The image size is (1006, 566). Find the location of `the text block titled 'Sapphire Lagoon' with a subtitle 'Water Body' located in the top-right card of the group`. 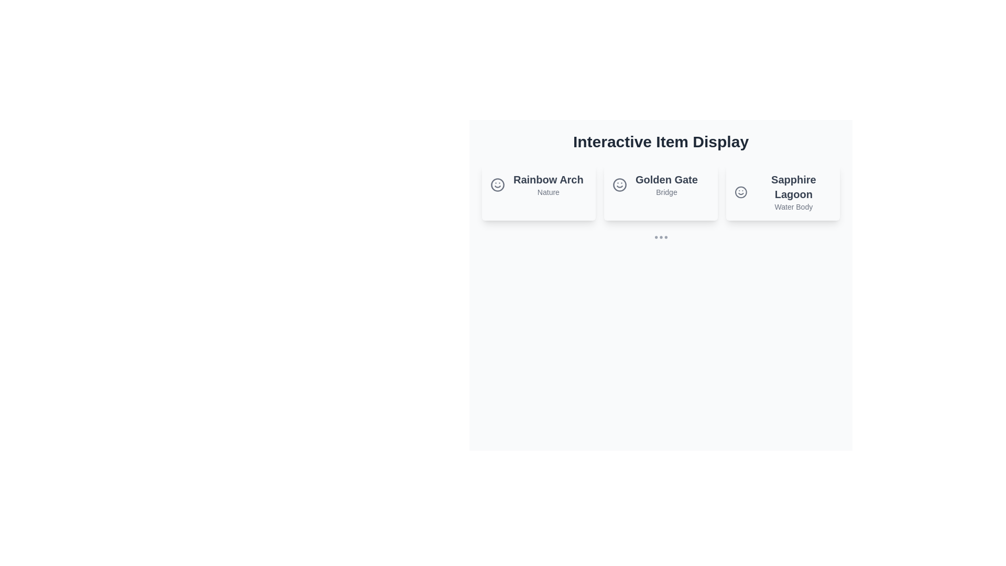

the text block titled 'Sapphire Lagoon' with a subtitle 'Water Body' located in the top-right card of the group is located at coordinates (793, 192).